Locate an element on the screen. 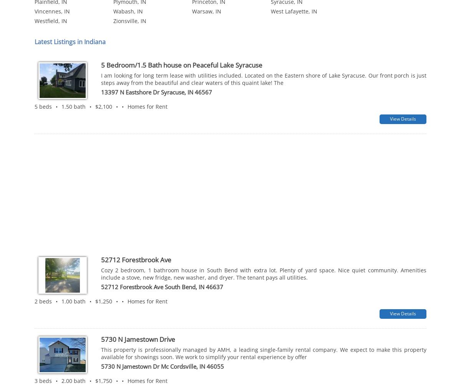 Image resolution: width=461 pixels, height=386 pixels. '1.50 bath' is located at coordinates (73, 106).